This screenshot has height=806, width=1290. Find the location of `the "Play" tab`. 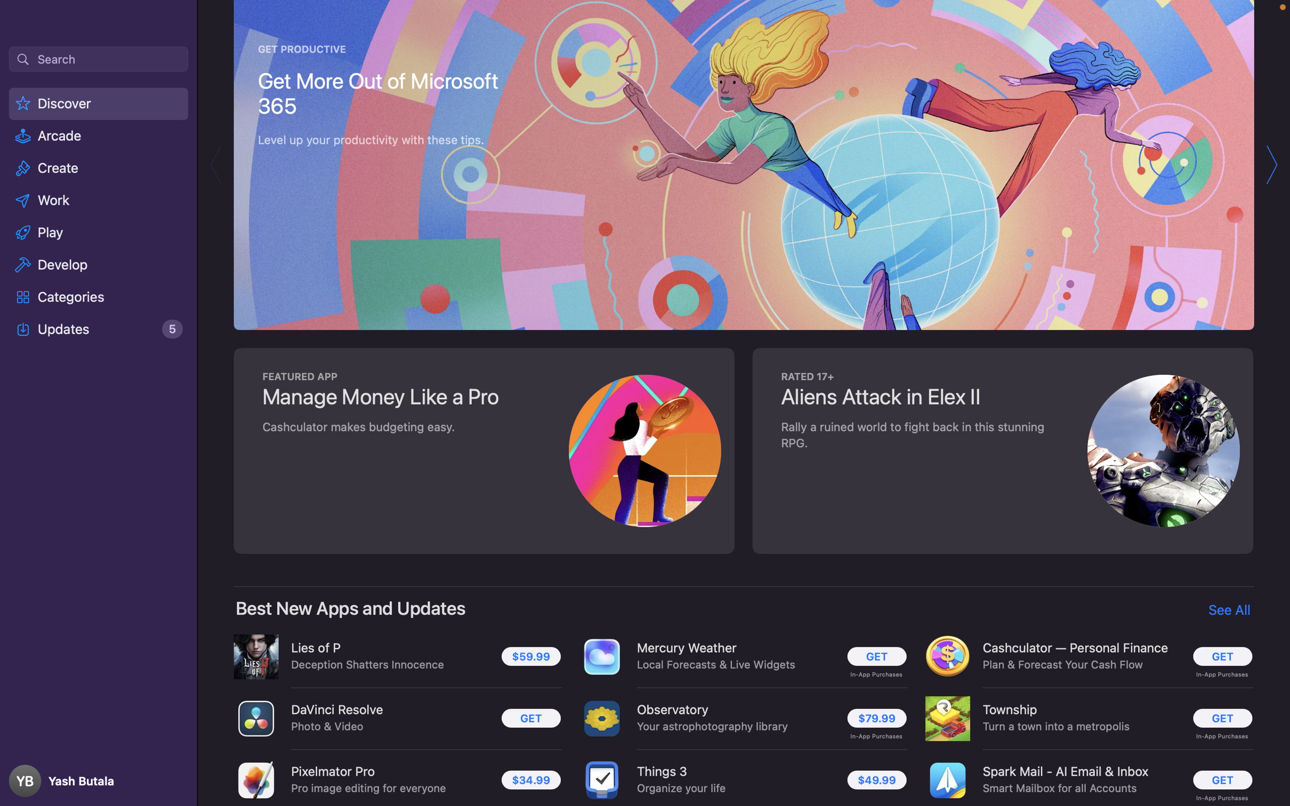

the "Play" tab is located at coordinates (99, 231).